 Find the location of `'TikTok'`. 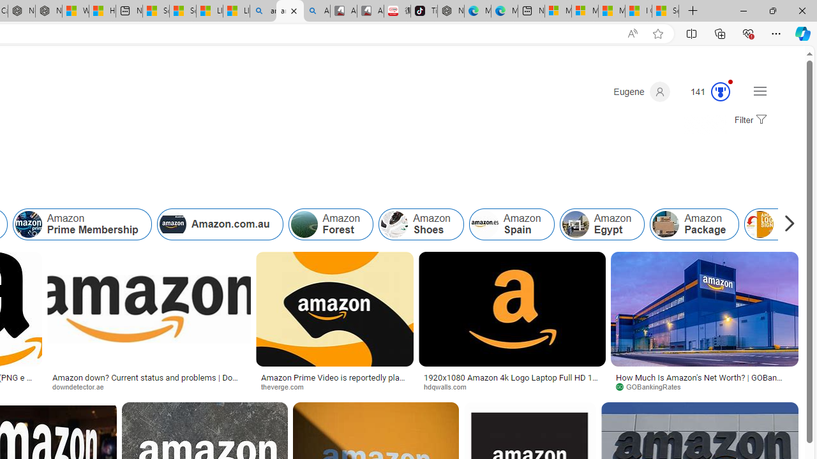

'TikTok' is located at coordinates (424, 11).